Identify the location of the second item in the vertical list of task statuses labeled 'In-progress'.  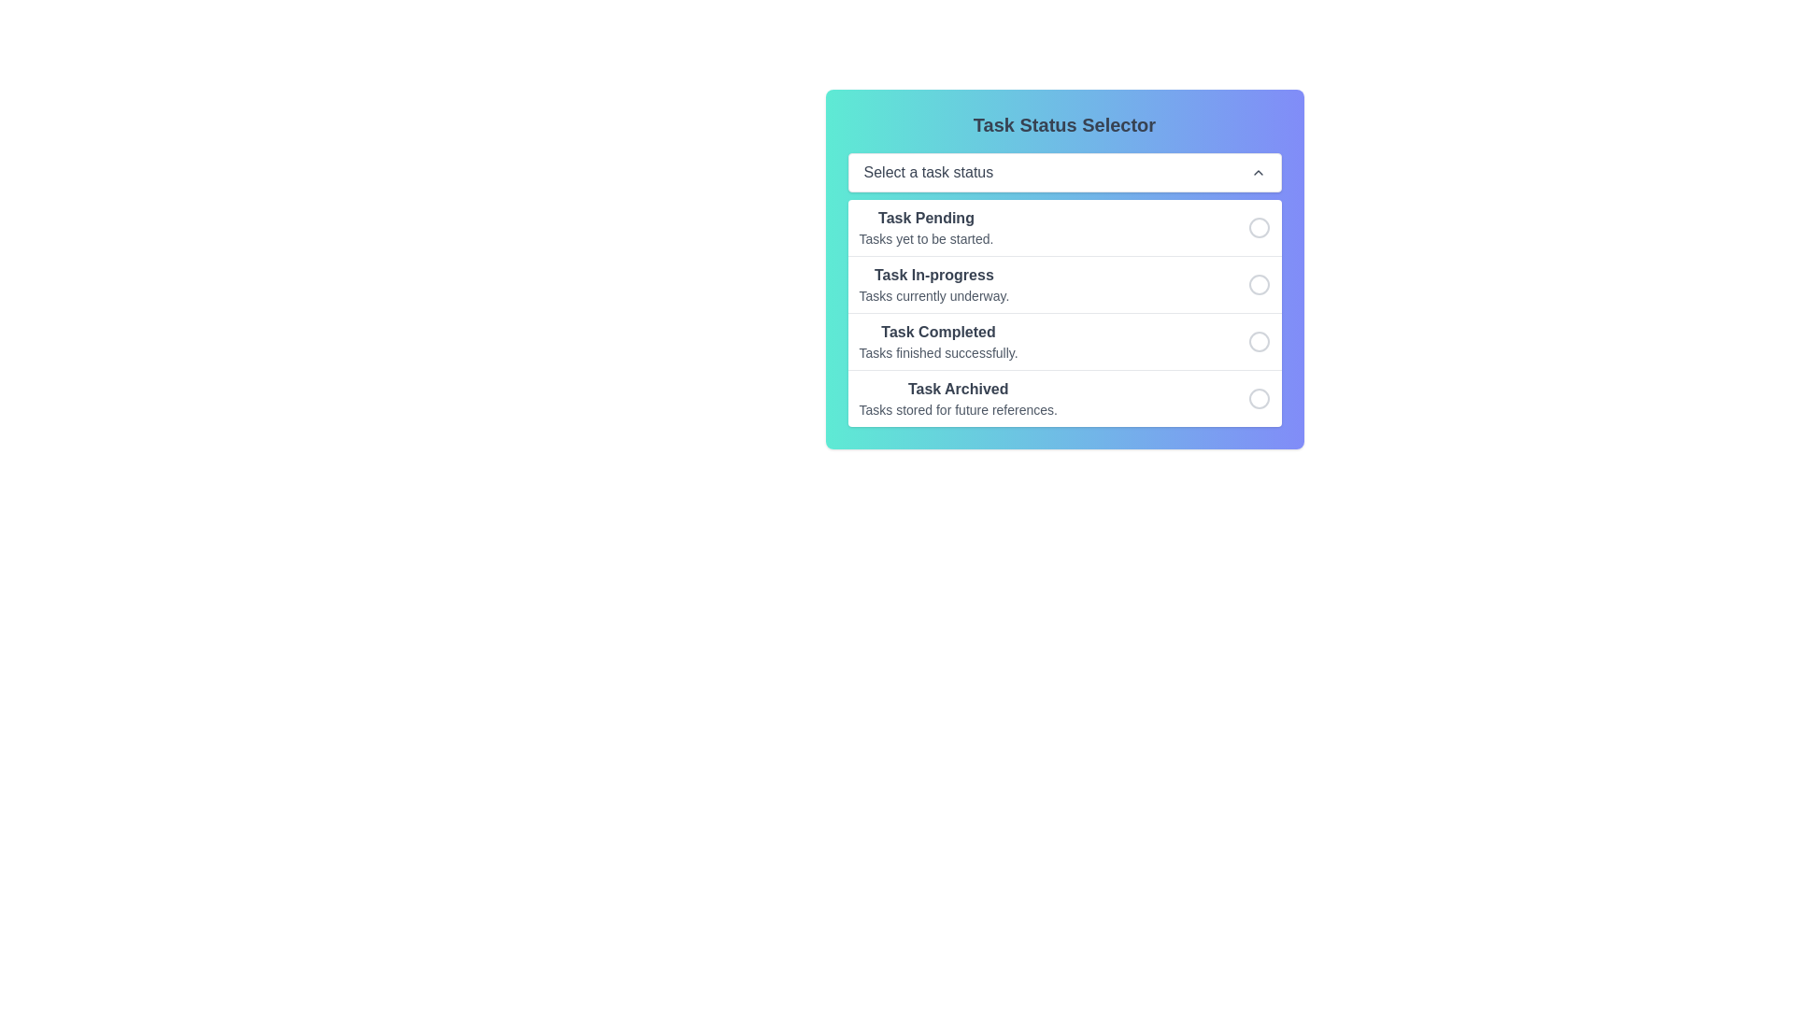
(1064, 269).